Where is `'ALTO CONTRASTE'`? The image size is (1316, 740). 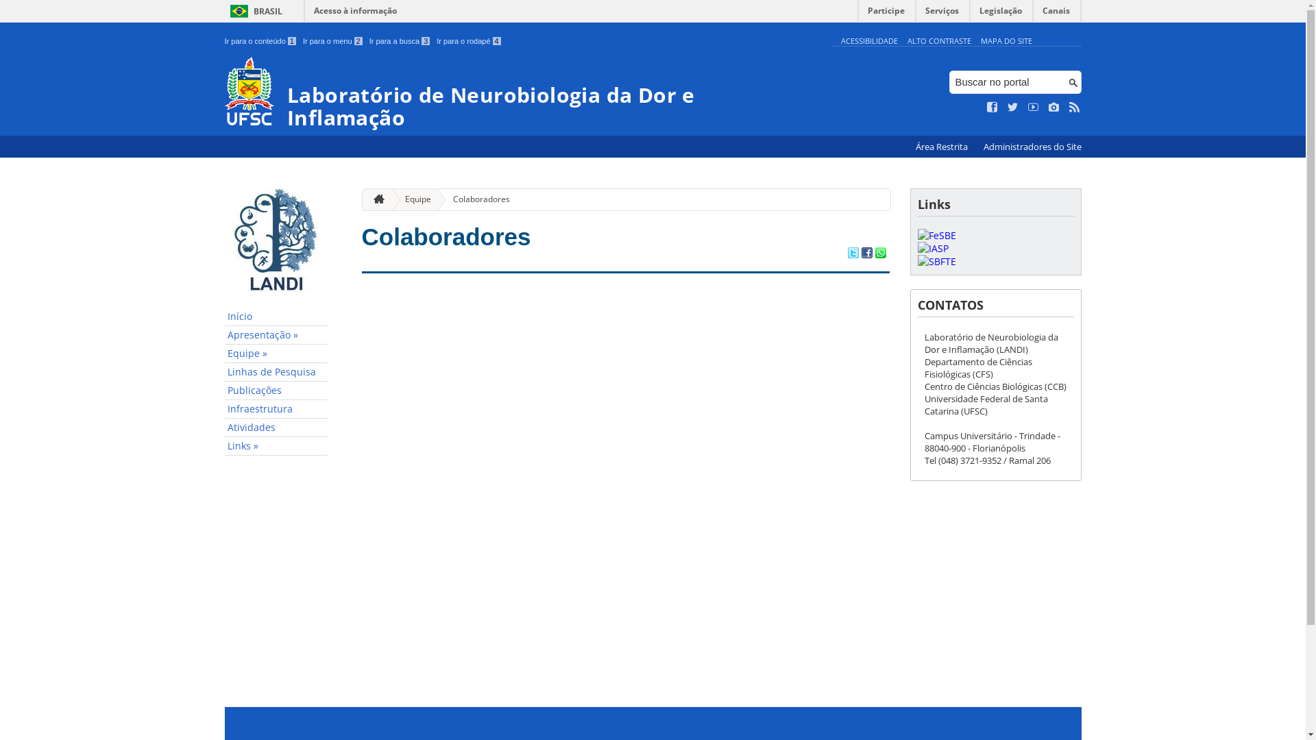 'ALTO CONTRASTE' is located at coordinates (938, 40).